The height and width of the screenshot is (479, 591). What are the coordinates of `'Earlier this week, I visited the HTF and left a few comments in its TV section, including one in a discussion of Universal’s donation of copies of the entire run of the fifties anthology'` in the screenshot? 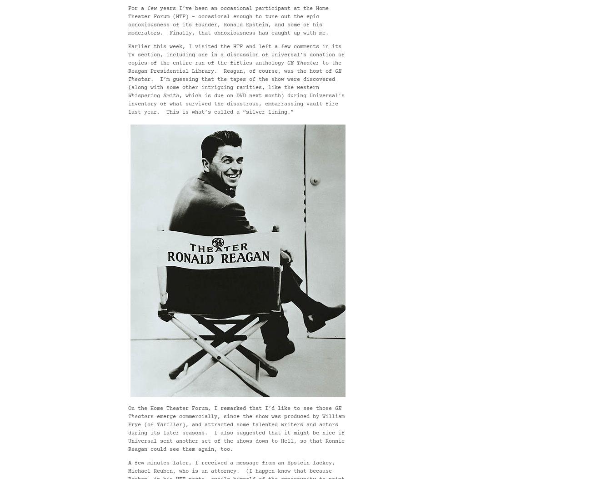 It's located at (236, 55).